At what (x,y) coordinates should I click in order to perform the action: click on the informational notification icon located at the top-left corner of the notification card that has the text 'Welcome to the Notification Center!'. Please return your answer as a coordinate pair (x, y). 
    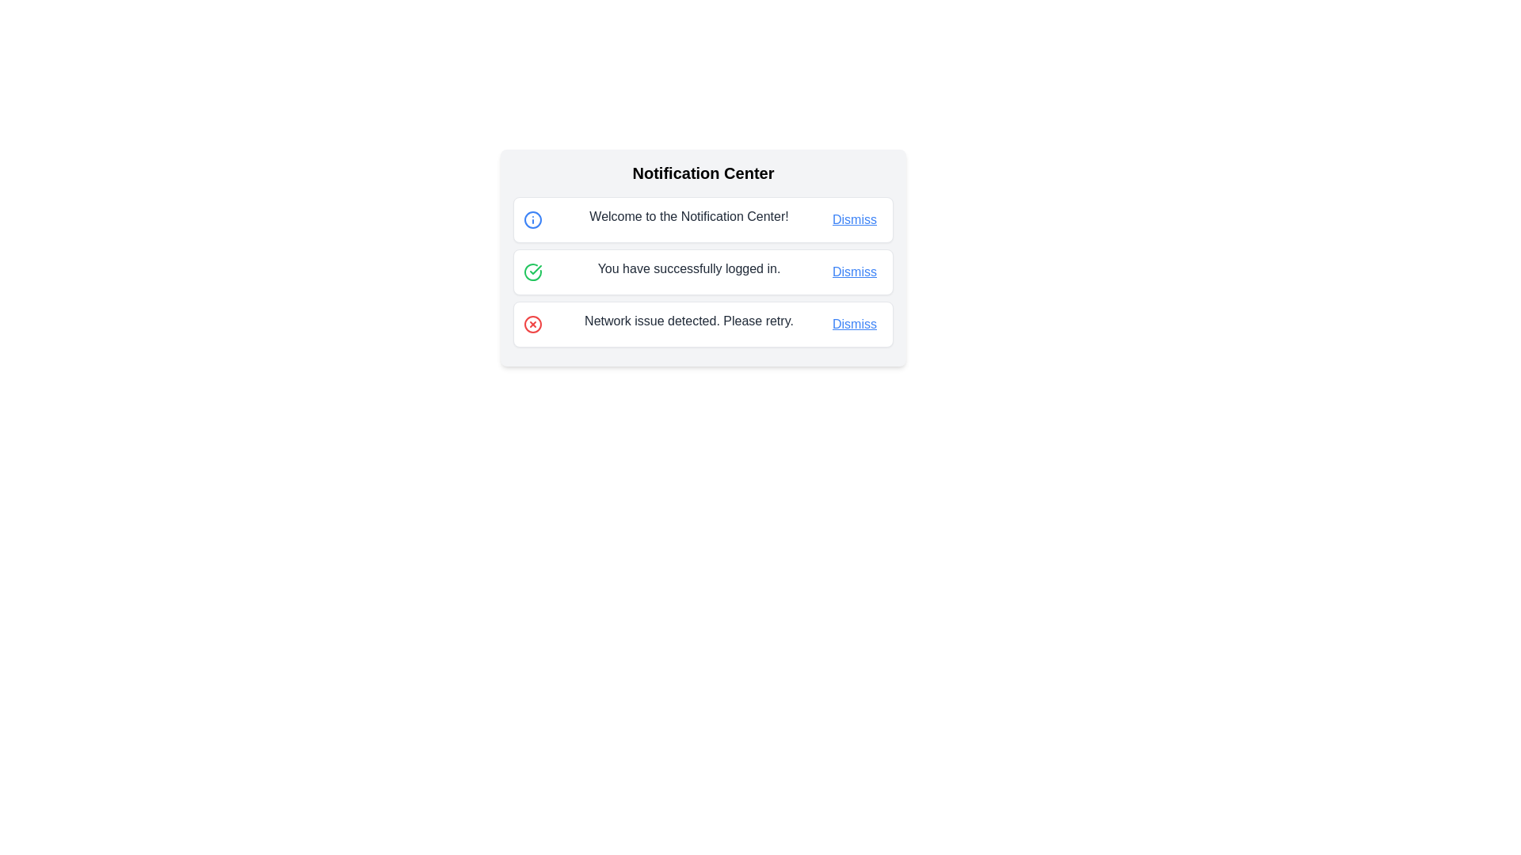
    Looking at the image, I should click on (532, 219).